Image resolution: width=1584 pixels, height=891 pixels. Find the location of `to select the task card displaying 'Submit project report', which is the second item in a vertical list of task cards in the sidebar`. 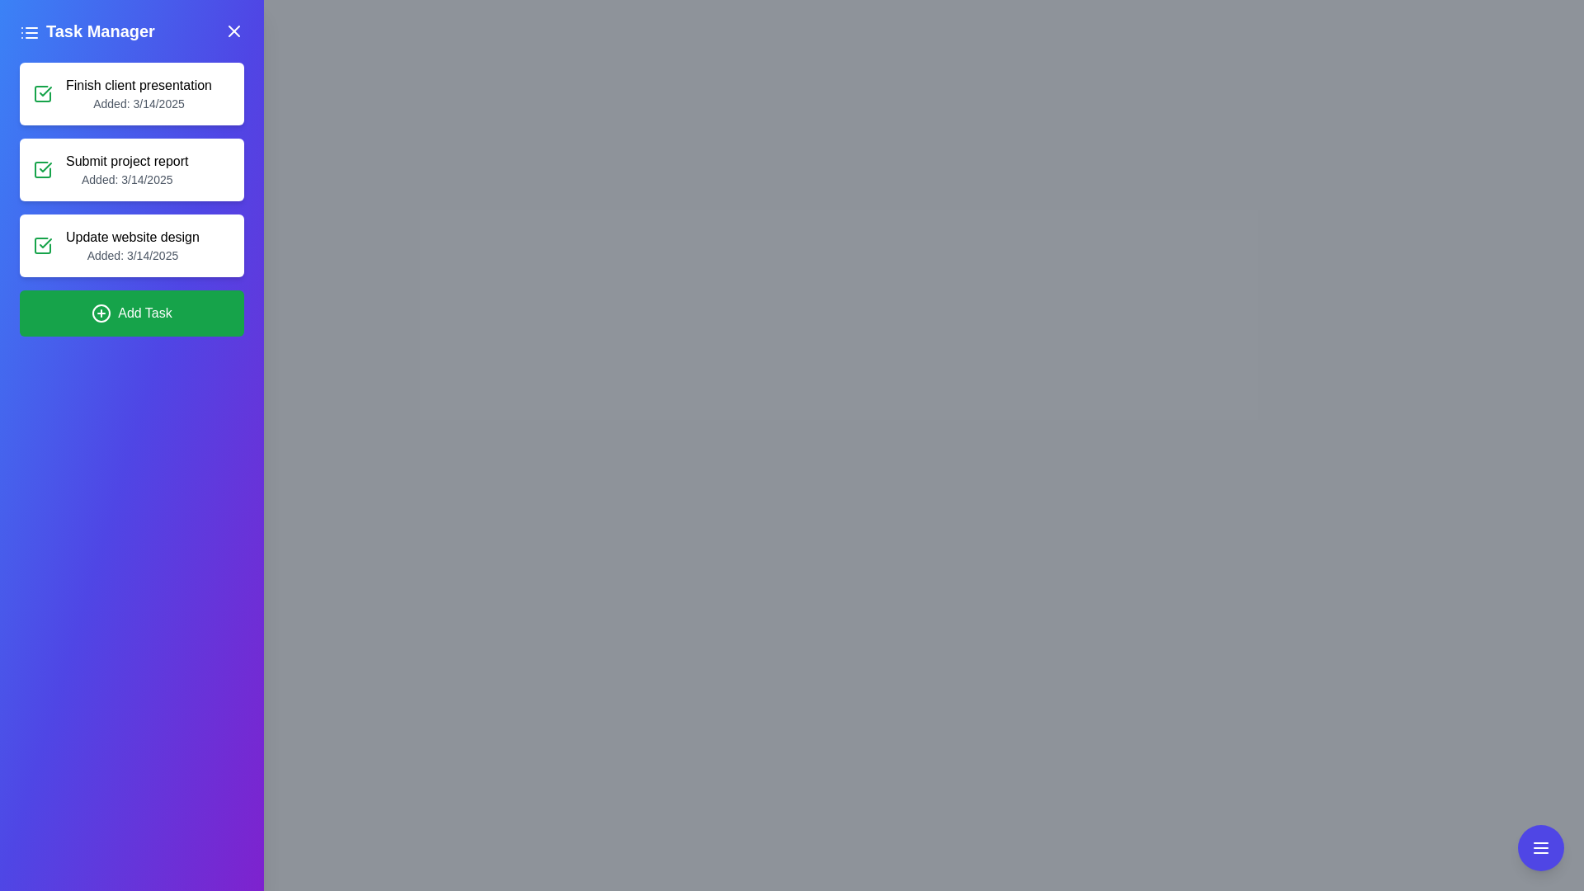

to select the task card displaying 'Submit project report', which is the second item in a vertical list of task cards in the sidebar is located at coordinates (130, 169).